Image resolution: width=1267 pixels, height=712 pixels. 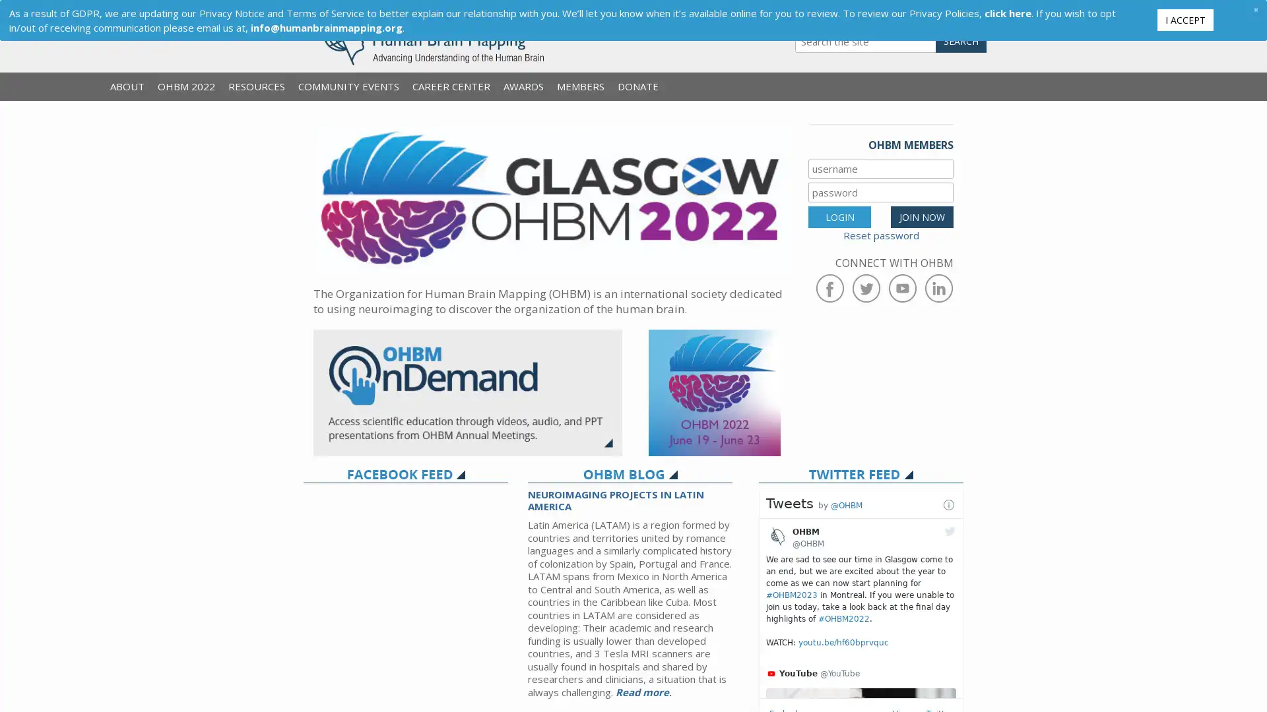 What do you see at coordinates (921, 216) in the screenshot?
I see `JOIN NOW` at bounding box center [921, 216].